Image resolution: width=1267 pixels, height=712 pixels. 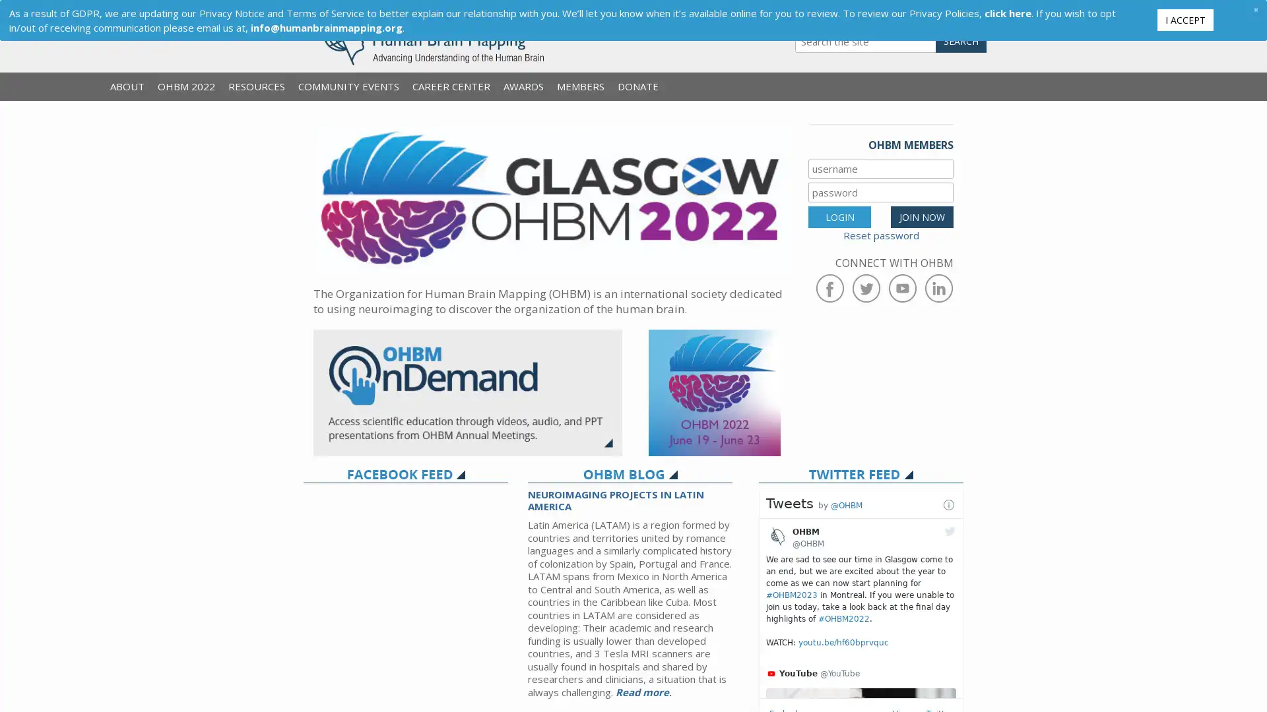 What do you see at coordinates (921, 216) in the screenshot?
I see `JOIN NOW` at bounding box center [921, 216].